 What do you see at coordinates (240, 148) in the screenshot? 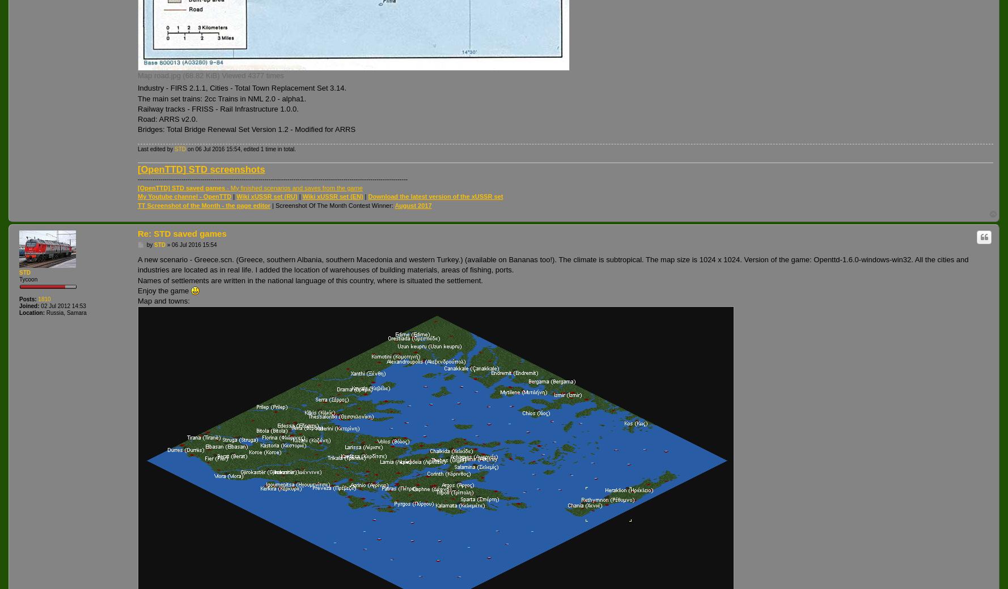
I see `'on 06 Jul 2016 15:54, edited 1 time in total.'` at bounding box center [240, 148].